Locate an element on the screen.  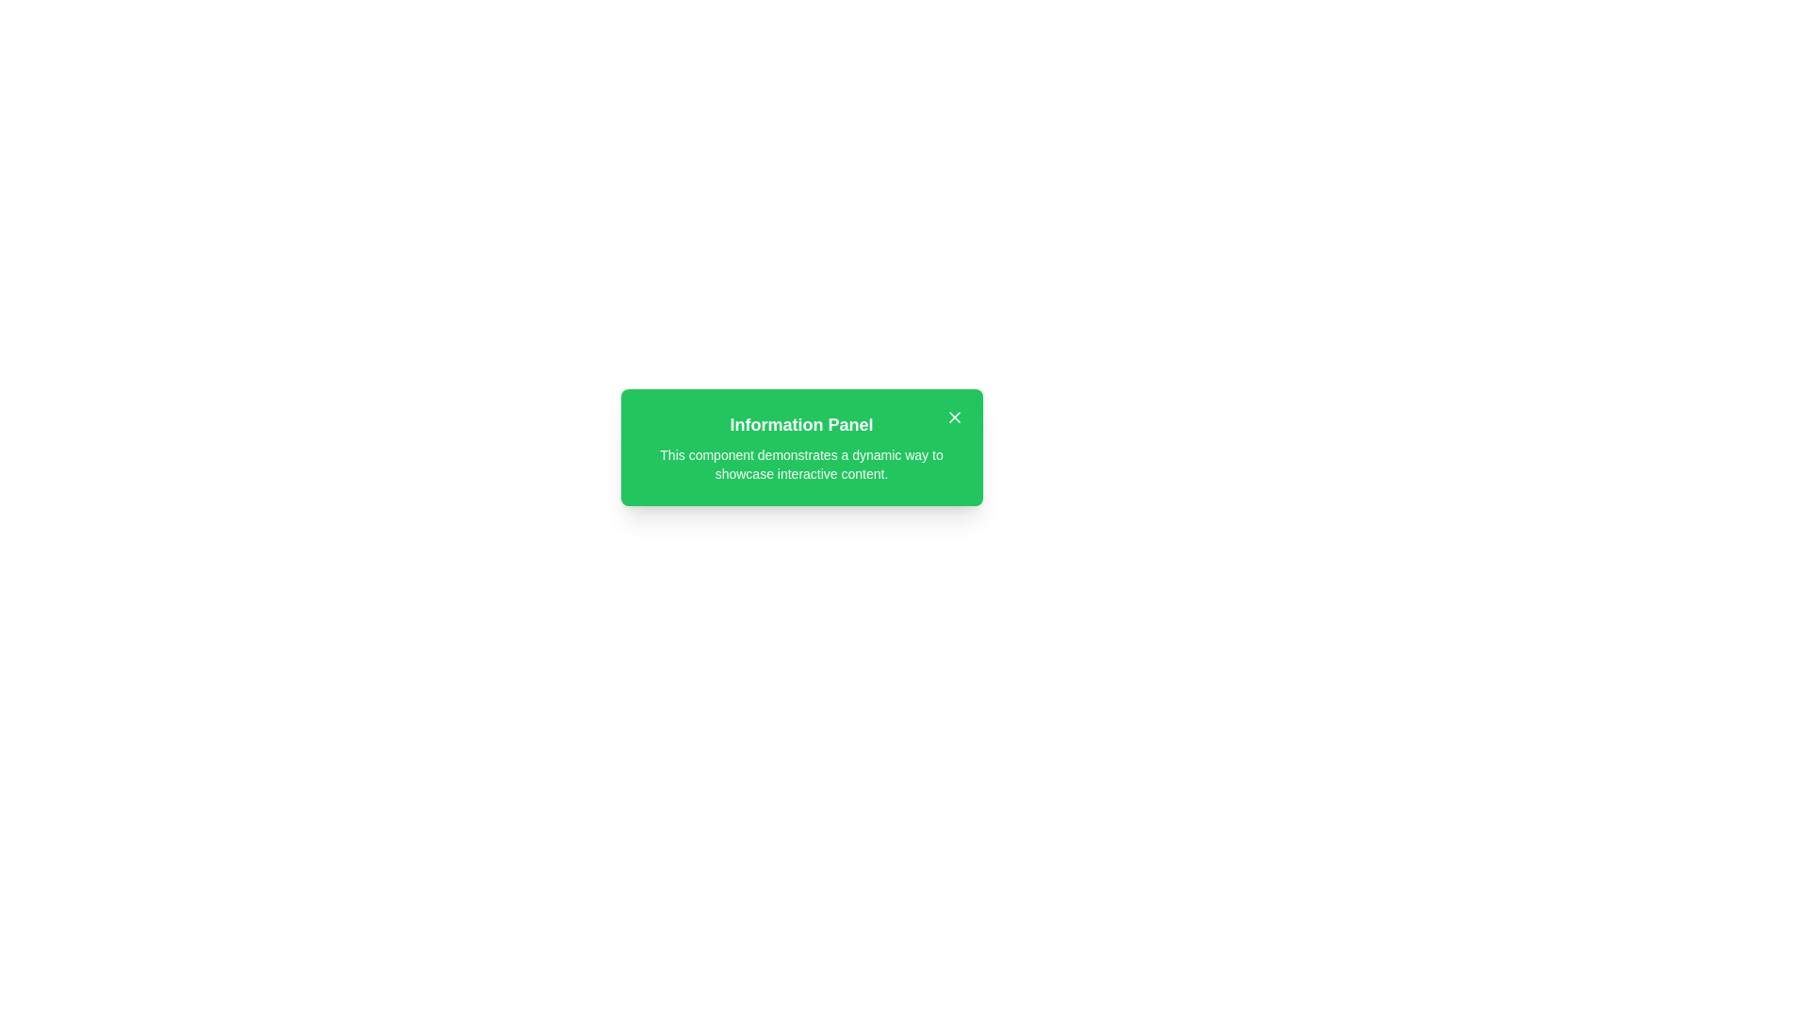
the Informational panel, which has a green background and white text, featuring a bold title 'Information Panel' and a close 'x' icon at the top-right corner is located at coordinates (801, 447).